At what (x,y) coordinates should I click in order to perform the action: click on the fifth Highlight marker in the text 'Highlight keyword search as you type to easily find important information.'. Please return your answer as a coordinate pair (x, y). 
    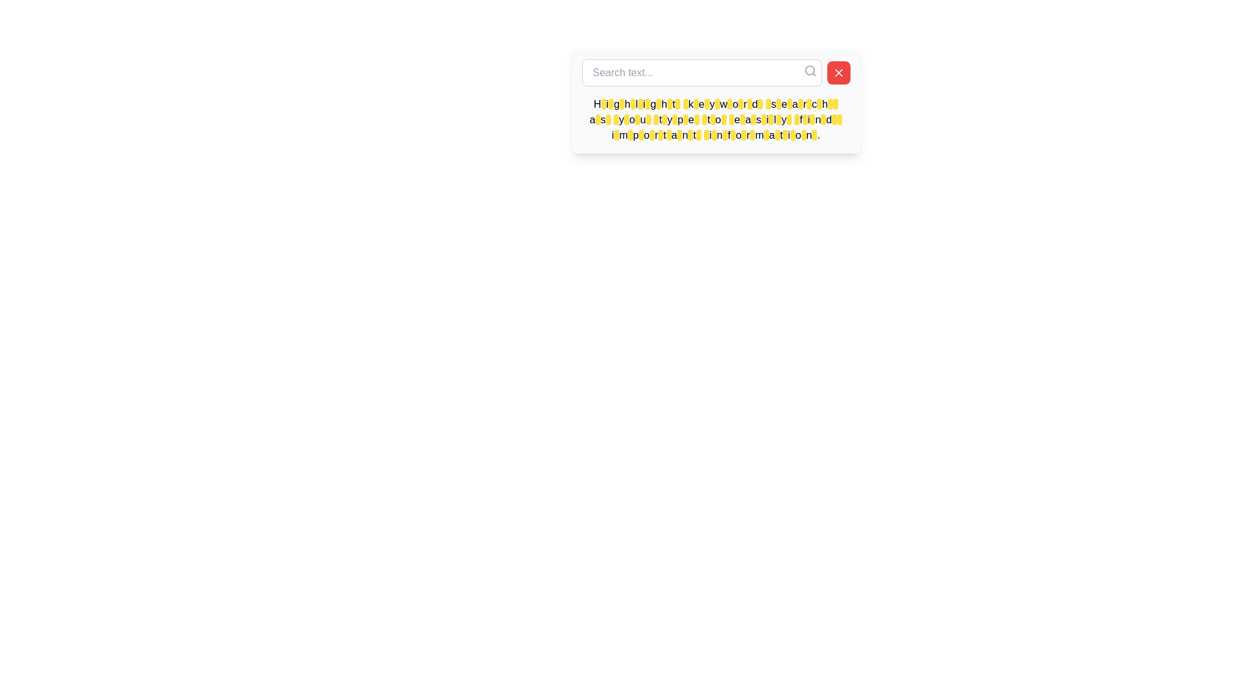
    Looking at the image, I should click on (640, 103).